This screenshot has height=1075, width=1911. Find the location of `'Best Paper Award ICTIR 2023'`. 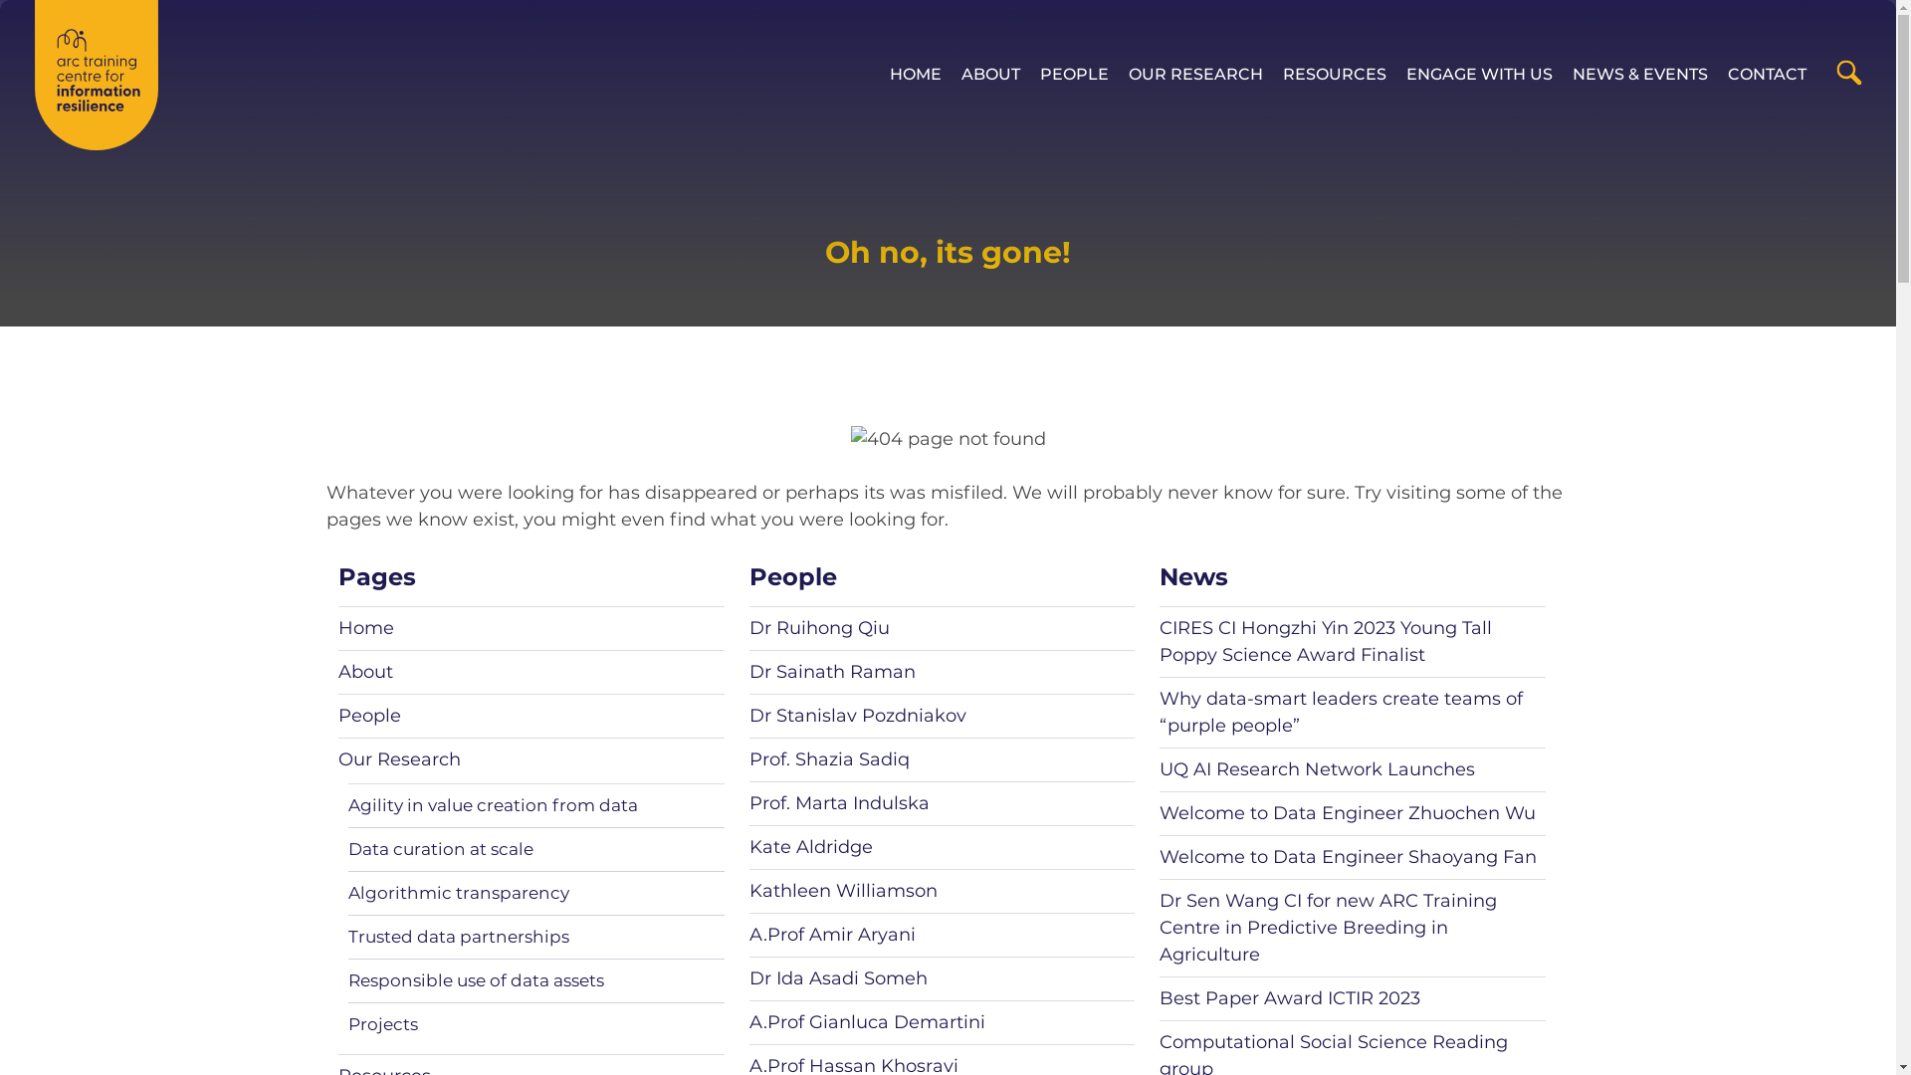

'Best Paper Award ICTIR 2023' is located at coordinates (1160, 997).